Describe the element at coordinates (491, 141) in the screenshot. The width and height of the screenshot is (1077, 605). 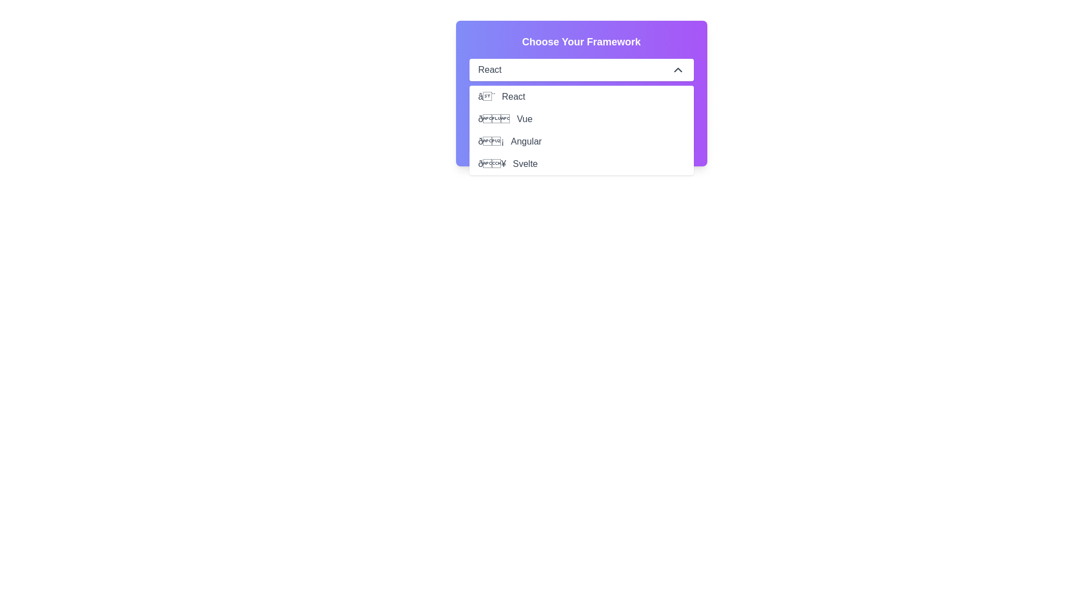
I see `the emoji icon "💡" located to the left of the text label "Angular" in the dropdown menu` at that location.